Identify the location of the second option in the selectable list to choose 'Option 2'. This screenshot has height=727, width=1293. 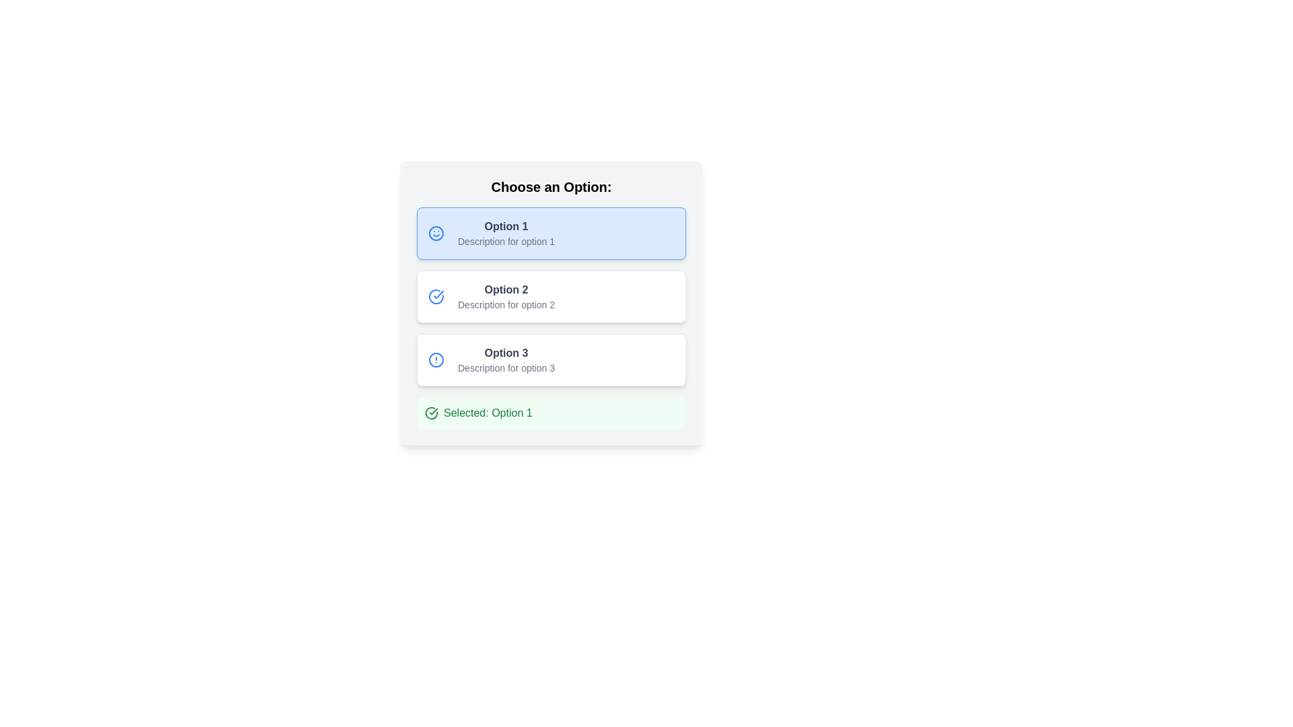
(506, 296).